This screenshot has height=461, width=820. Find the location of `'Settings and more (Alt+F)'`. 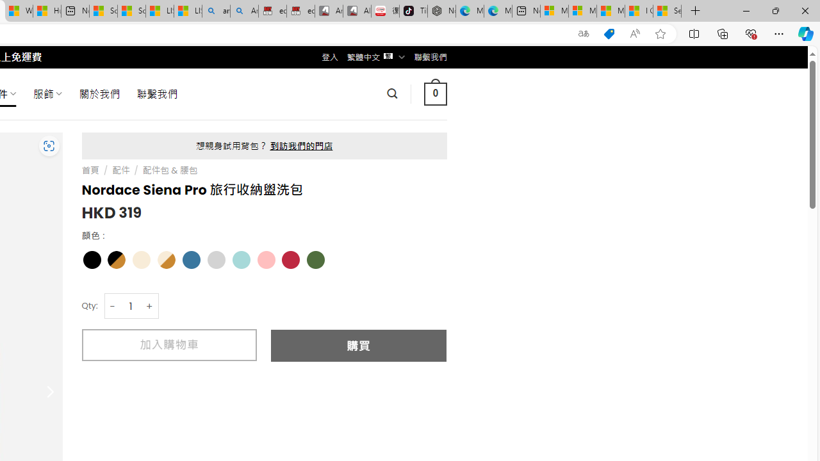

'Settings and more (Alt+F)' is located at coordinates (778, 33).